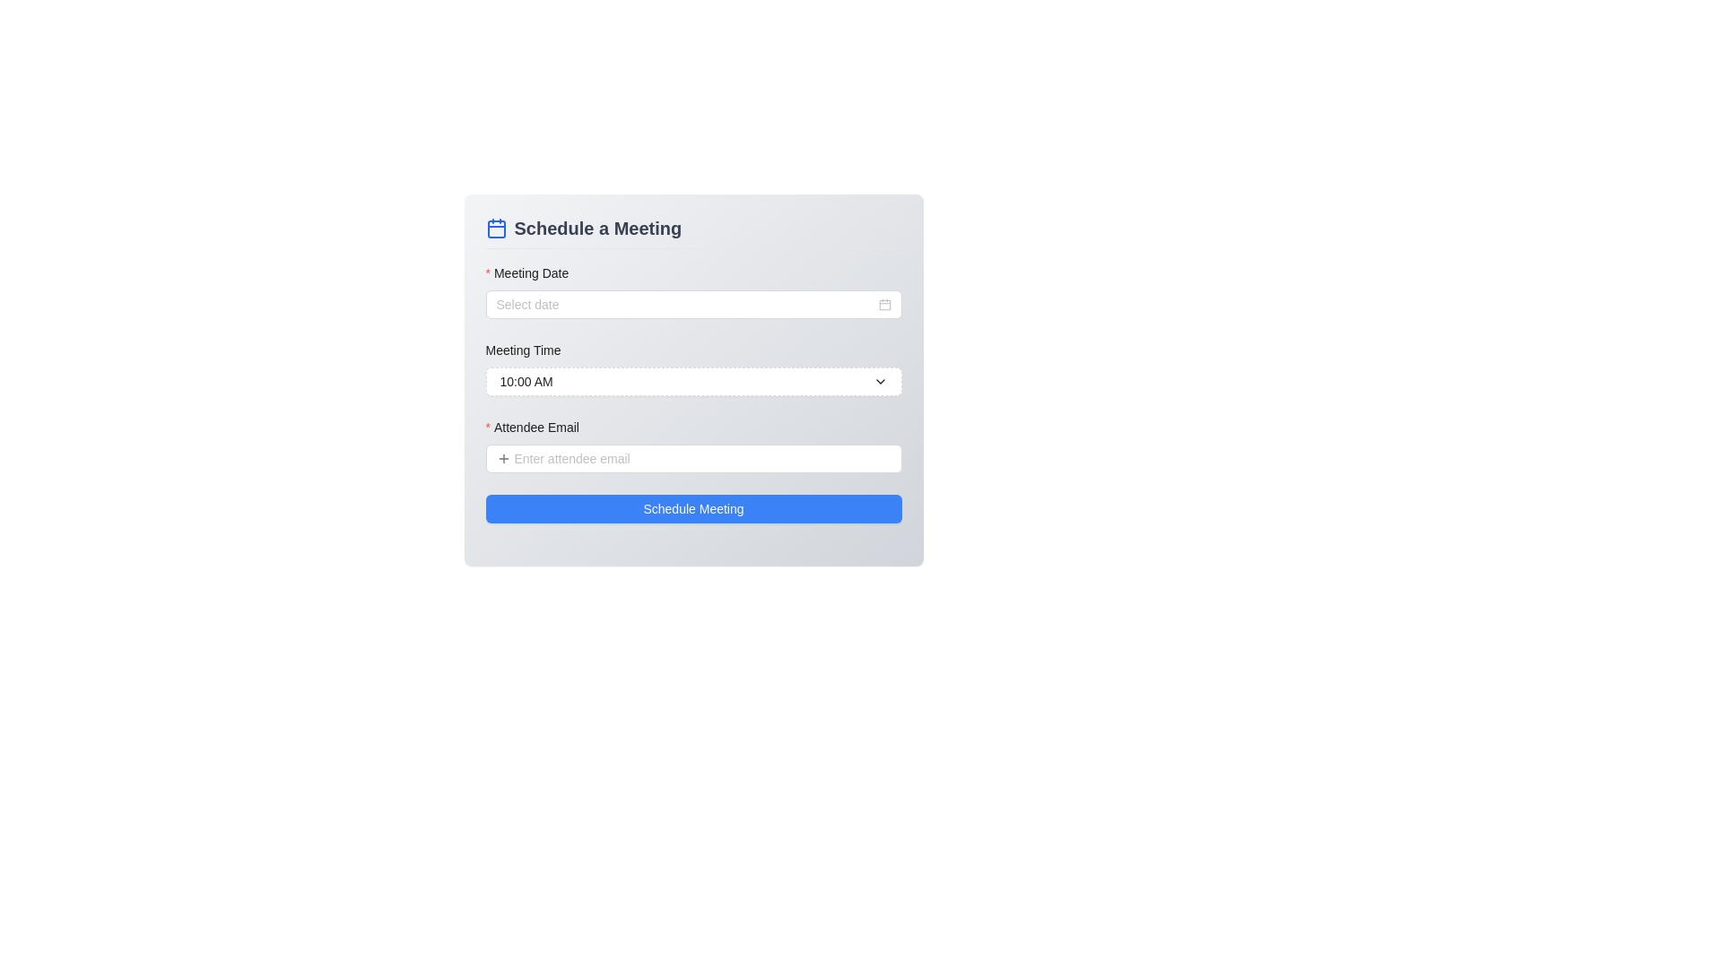 This screenshot has width=1722, height=968. I want to click on a date using the calendar picker from the 'Meeting Date' input field, which features a required red asterisk and a calendar icon for date selection, so click(692, 290).